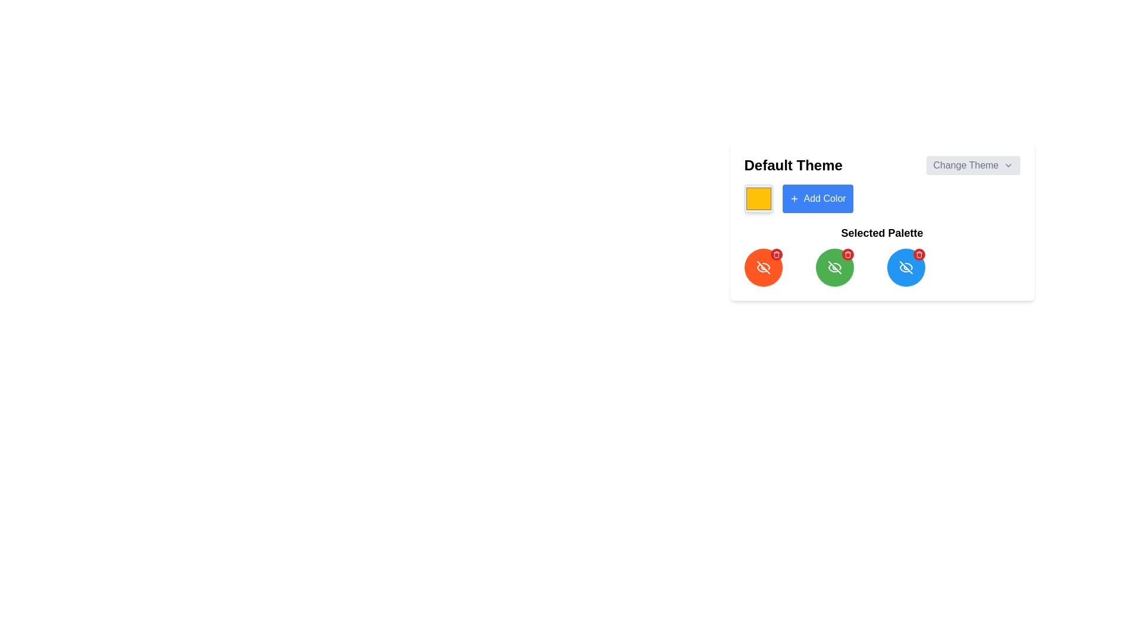 The width and height of the screenshot is (1141, 641). What do you see at coordinates (776, 253) in the screenshot?
I see `the trash bin icon button located at the top-right corner of each circular palette item within the 'Selected Palette' section` at bounding box center [776, 253].